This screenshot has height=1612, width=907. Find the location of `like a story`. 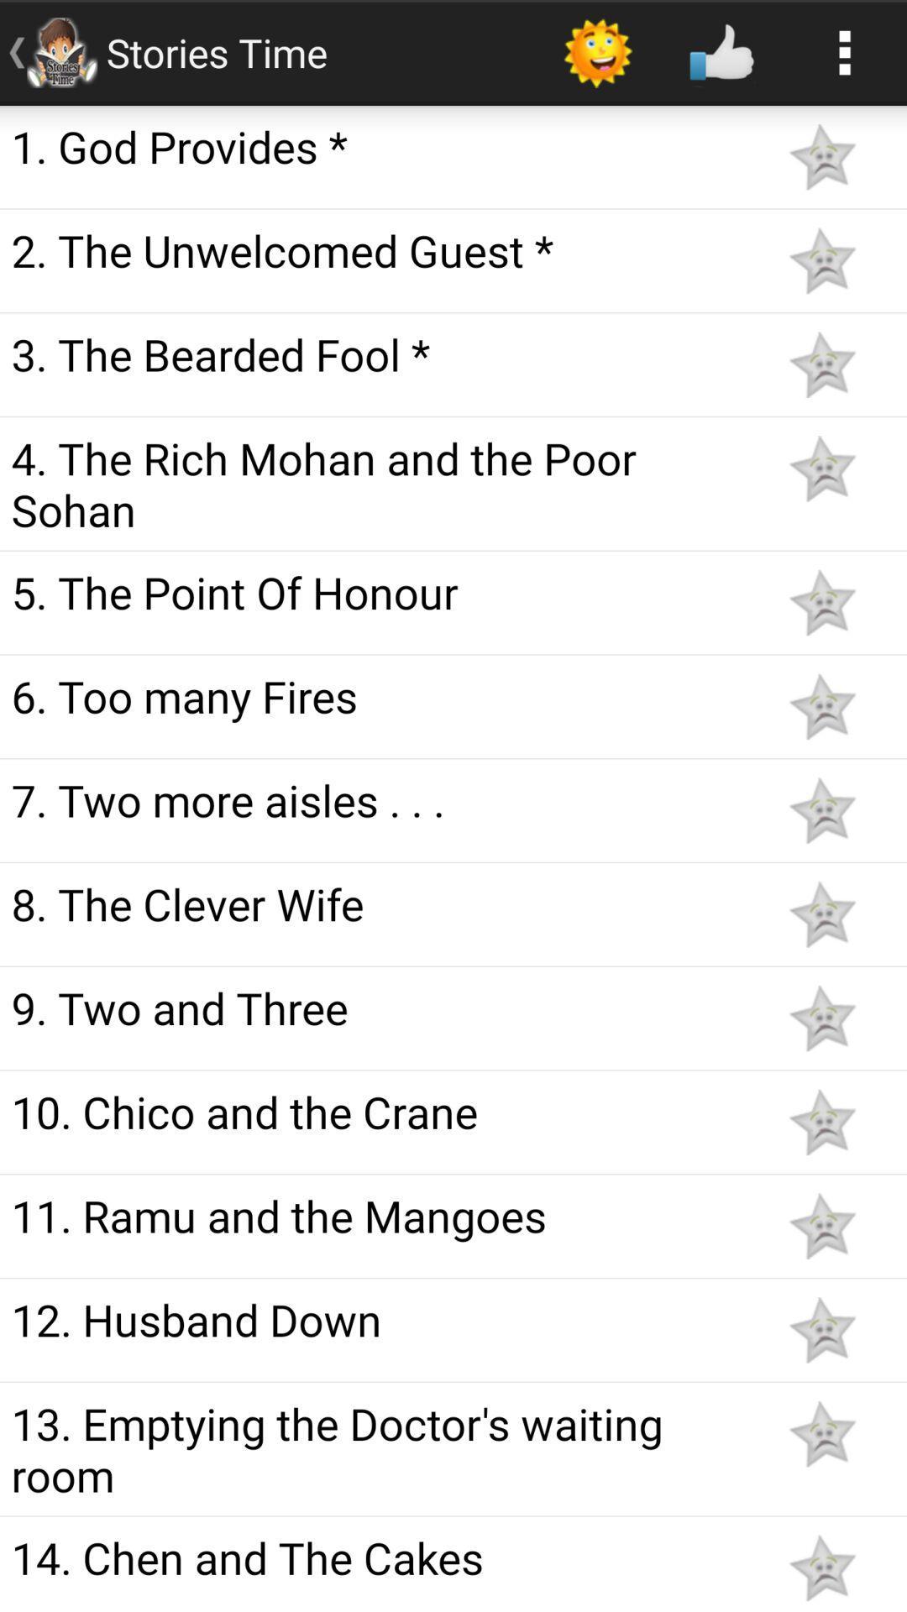

like a story is located at coordinates (821, 468).